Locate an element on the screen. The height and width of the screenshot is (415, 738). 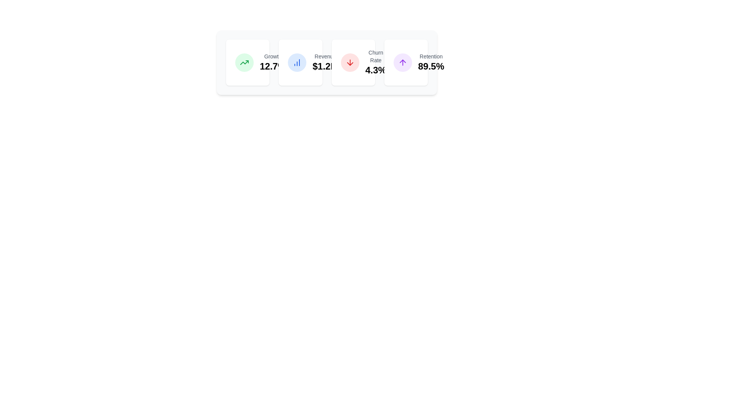
growth percentage value displayed as '12.7%' in a larger bold black font, located to the right of a green upward-trending arrow icon within the leftmost card is located at coordinates (273, 62).